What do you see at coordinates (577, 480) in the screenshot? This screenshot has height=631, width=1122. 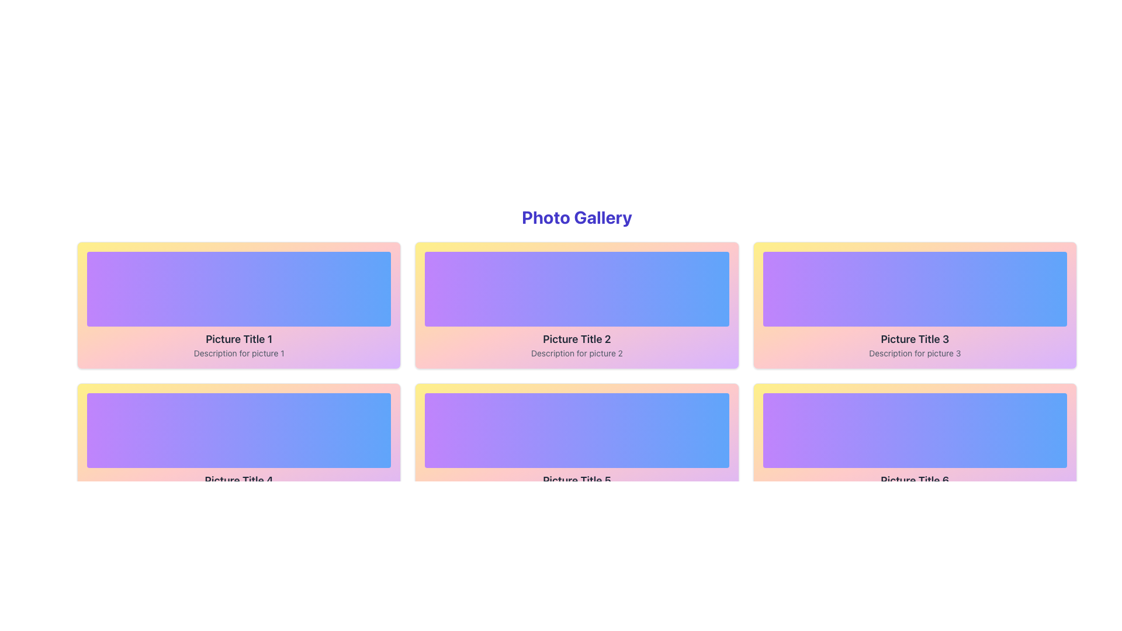 I see `the Text Label that serves as a title for the content of its card, located at the bottom center of the card in the bottom row, second column of the grid layout` at bounding box center [577, 480].